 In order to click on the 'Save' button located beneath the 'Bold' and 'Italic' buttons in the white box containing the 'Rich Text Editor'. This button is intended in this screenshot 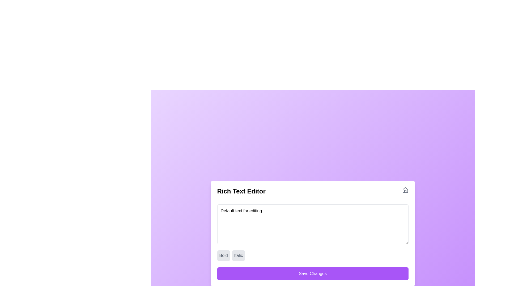, I will do `click(313, 273)`.